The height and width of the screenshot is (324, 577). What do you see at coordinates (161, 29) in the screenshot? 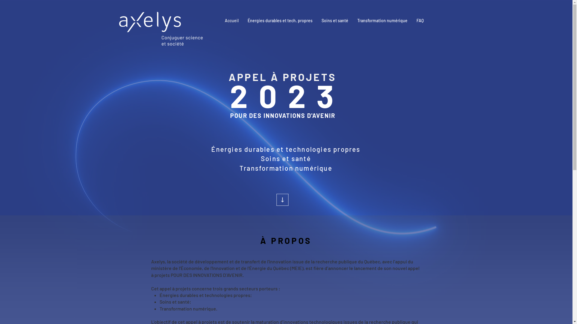
I see `'Axelyx_lg_slogan_Rev.png'` at bounding box center [161, 29].